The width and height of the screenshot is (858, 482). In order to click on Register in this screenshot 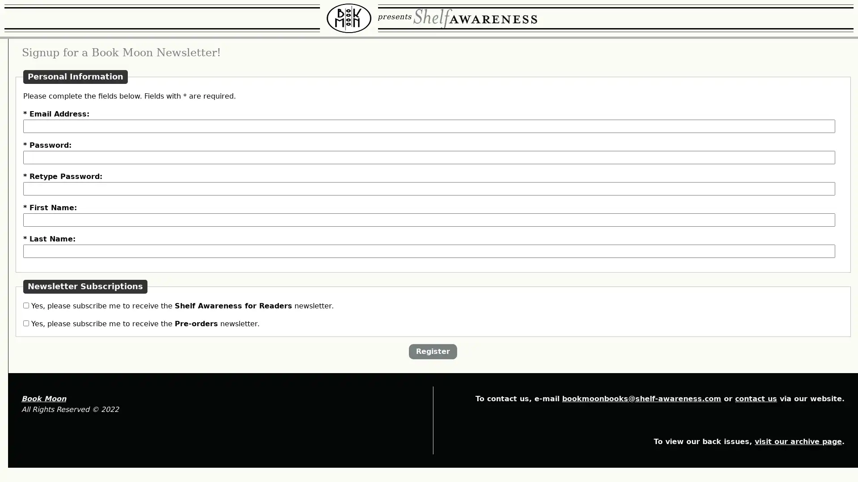, I will do `click(484, 423)`.